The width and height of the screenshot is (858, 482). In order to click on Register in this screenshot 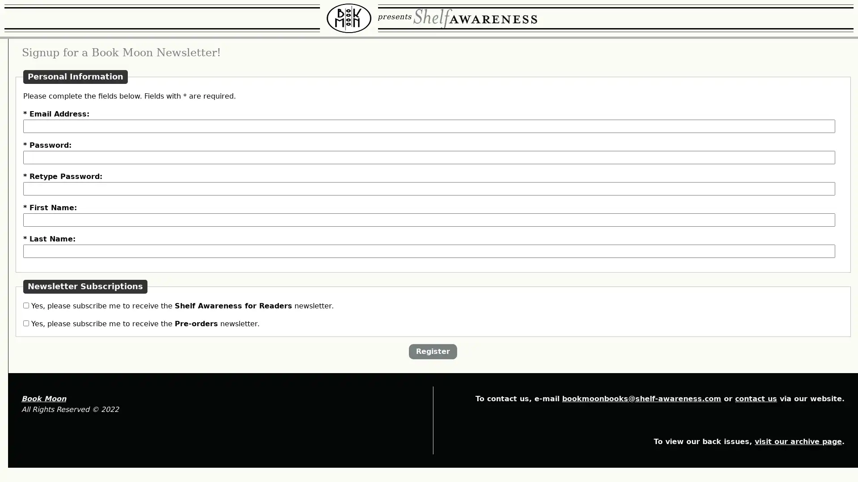, I will do `click(484, 423)`.